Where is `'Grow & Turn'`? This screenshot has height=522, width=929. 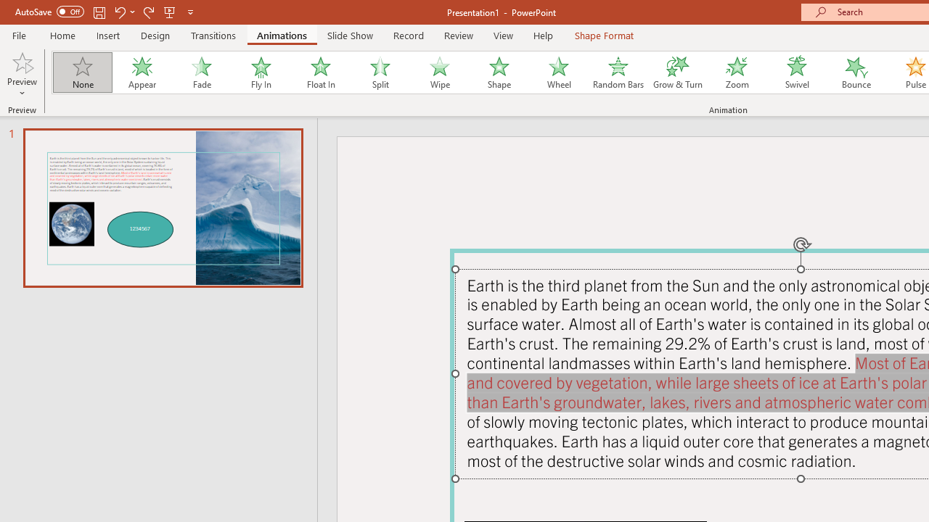
'Grow & Turn' is located at coordinates (677, 72).